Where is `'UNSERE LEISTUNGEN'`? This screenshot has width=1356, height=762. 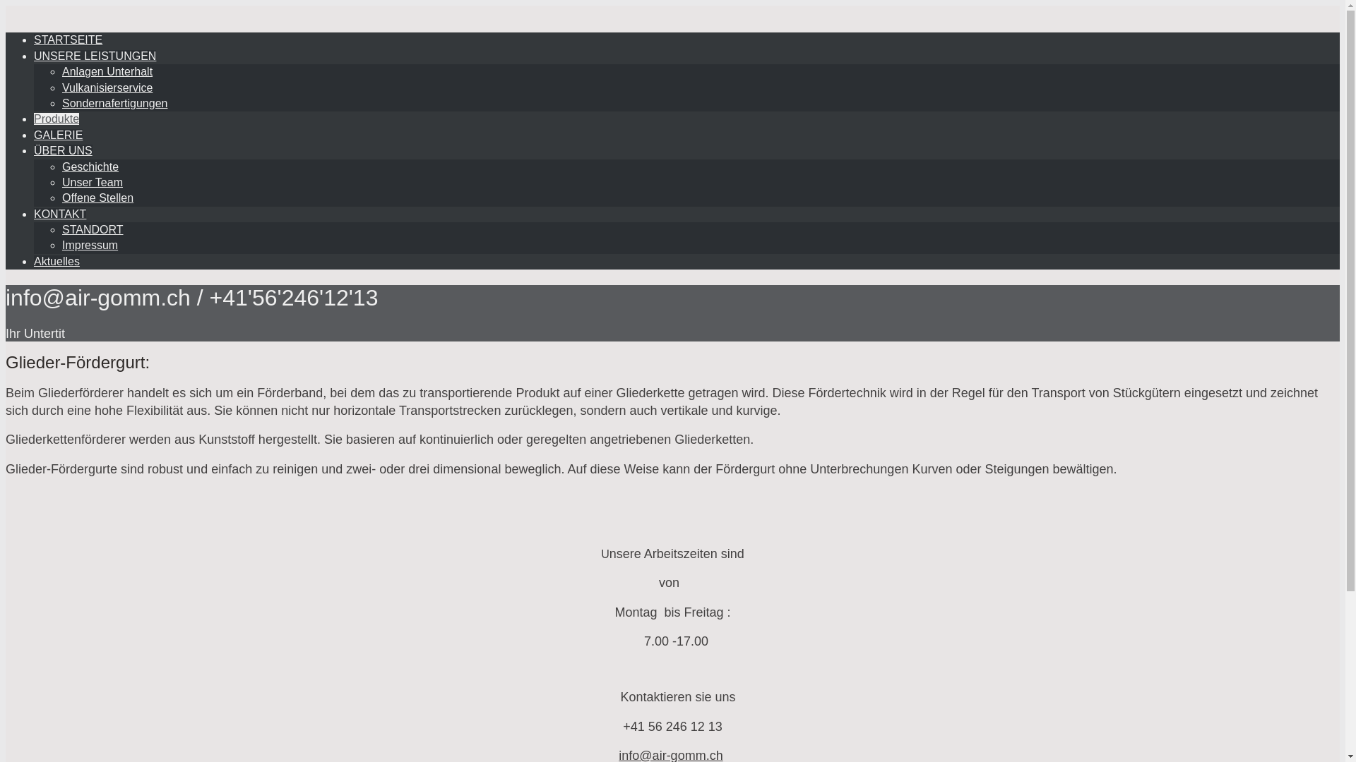 'UNSERE LEISTUNGEN' is located at coordinates (94, 55).